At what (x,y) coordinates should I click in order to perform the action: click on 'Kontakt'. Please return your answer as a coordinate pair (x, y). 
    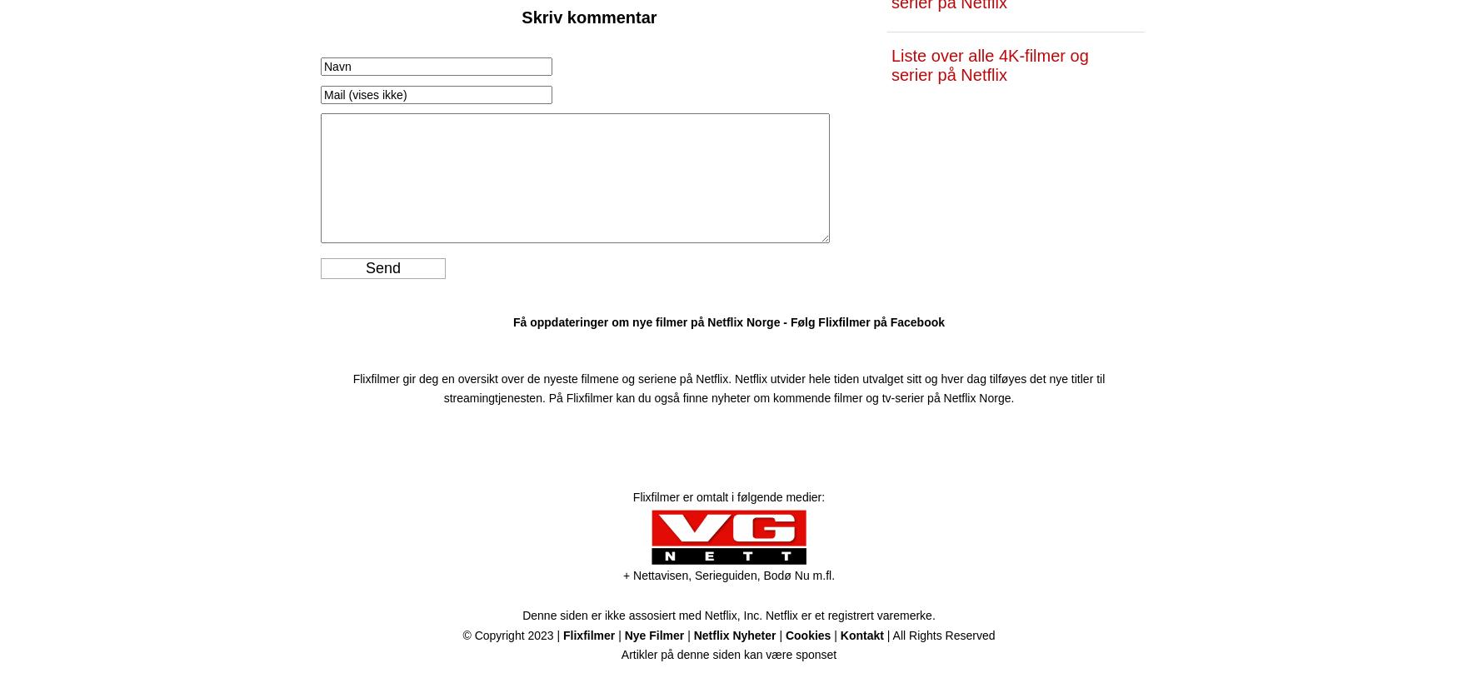
    Looking at the image, I should click on (861, 634).